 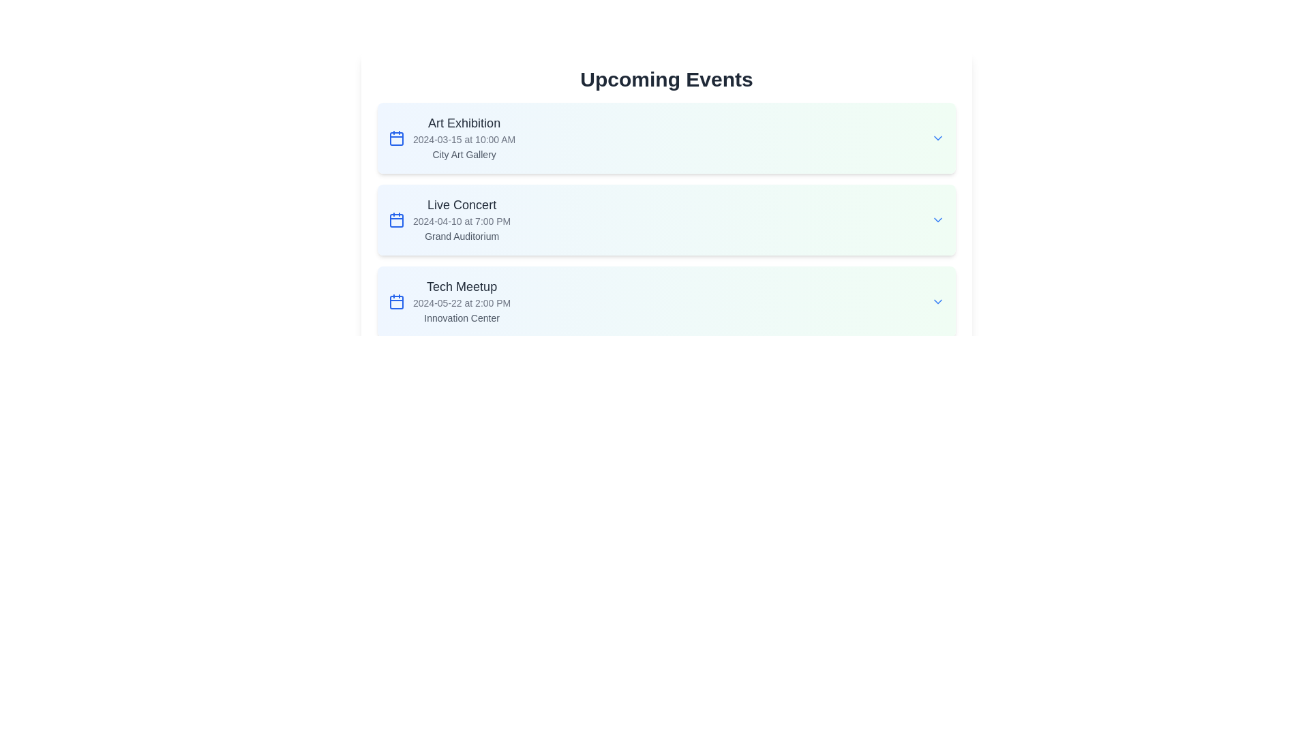 What do you see at coordinates (449, 301) in the screenshot?
I see `the third event item in the list under the 'Upcoming Events' header` at bounding box center [449, 301].